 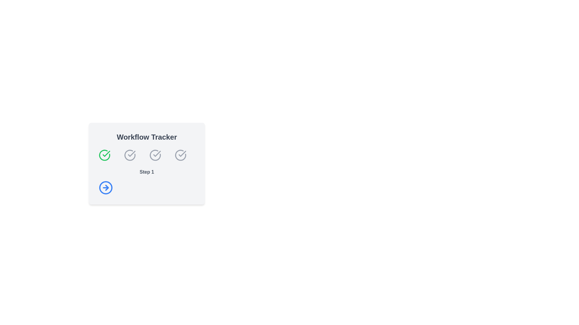 I want to click on the success completion icon within the Workflow Tracker card UI, so click(x=106, y=153).